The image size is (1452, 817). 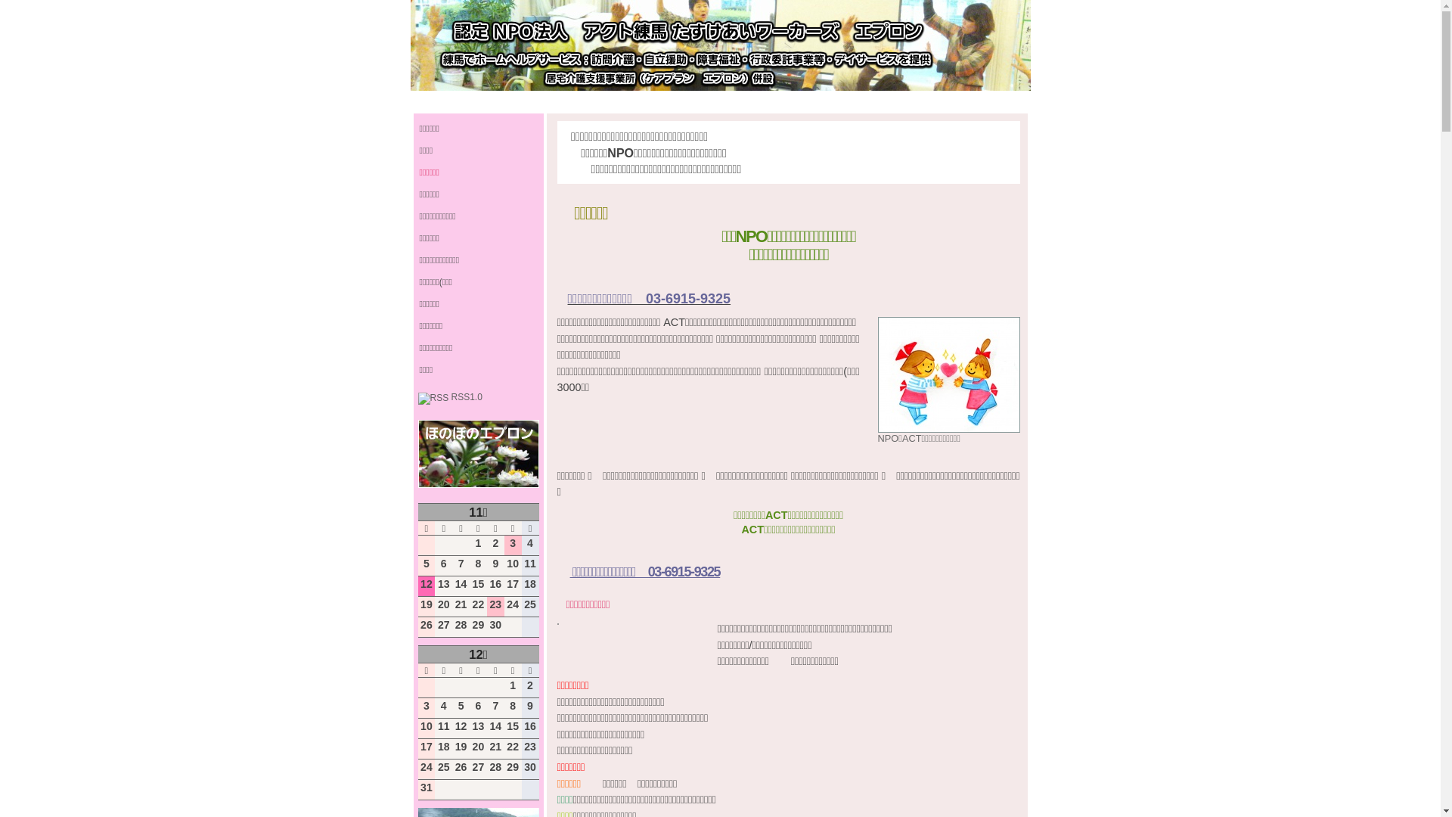 What do you see at coordinates (448, 396) in the screenshot?
I see `' RSS1.0'` at bounding box center [448, 396].